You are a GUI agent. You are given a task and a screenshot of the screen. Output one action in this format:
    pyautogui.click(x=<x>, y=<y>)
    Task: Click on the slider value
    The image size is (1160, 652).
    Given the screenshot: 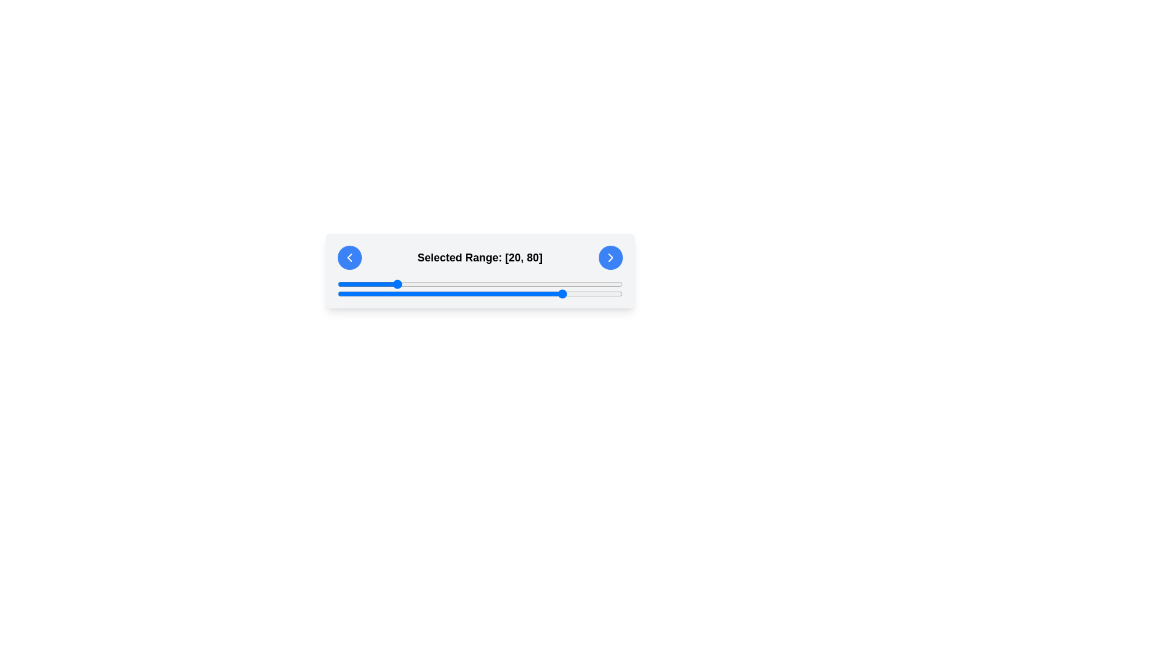 What is the action you would take?
    pyautogui.click(x=570, y=284)
    